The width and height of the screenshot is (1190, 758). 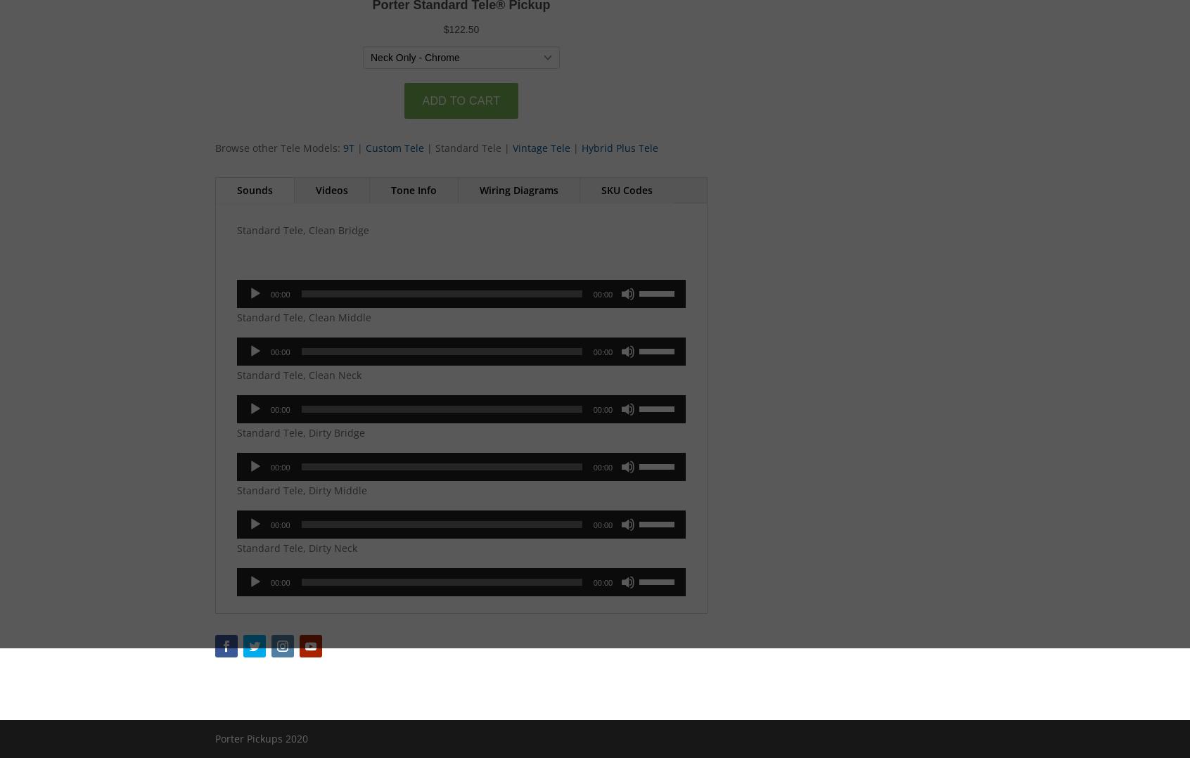 I want to click on 'Standard Tele, Dirty Neck', so click(x=297, y=547).